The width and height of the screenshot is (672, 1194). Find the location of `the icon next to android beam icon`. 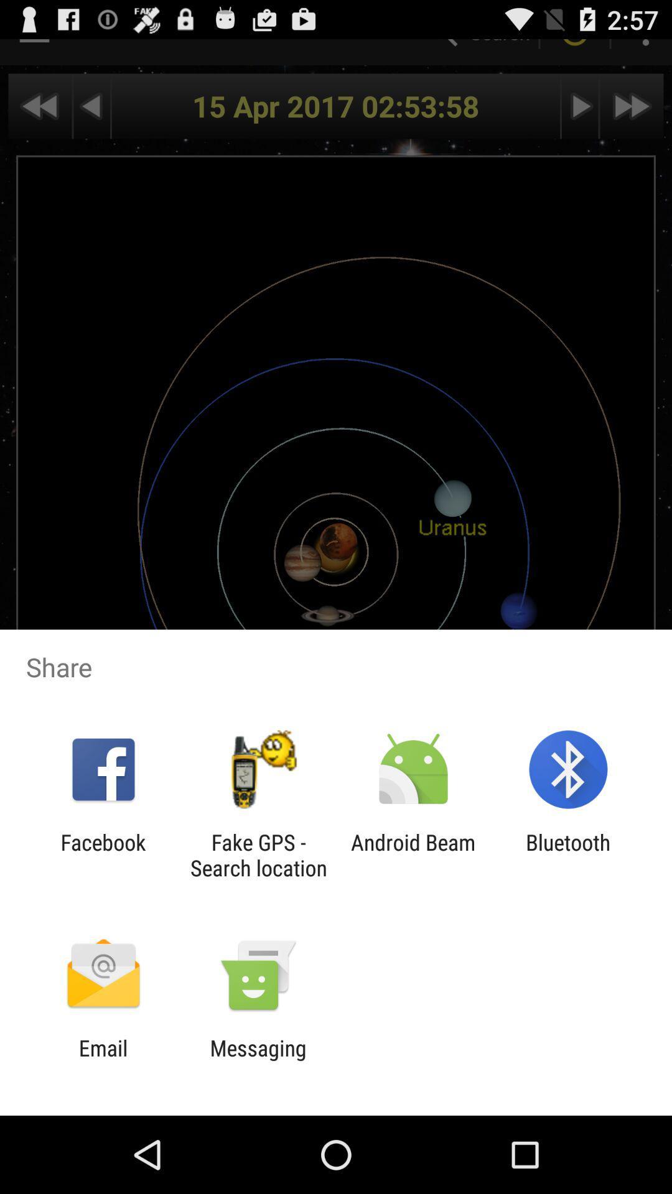

the icon next to android beam icon is located at coordinates (258, 854).